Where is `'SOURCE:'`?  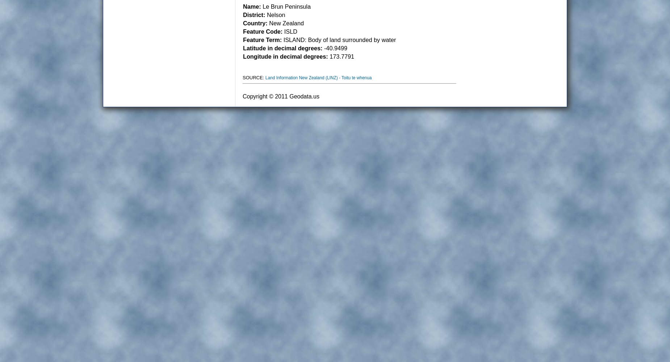 'SOURCE:' is located at coordinates (254, 77).